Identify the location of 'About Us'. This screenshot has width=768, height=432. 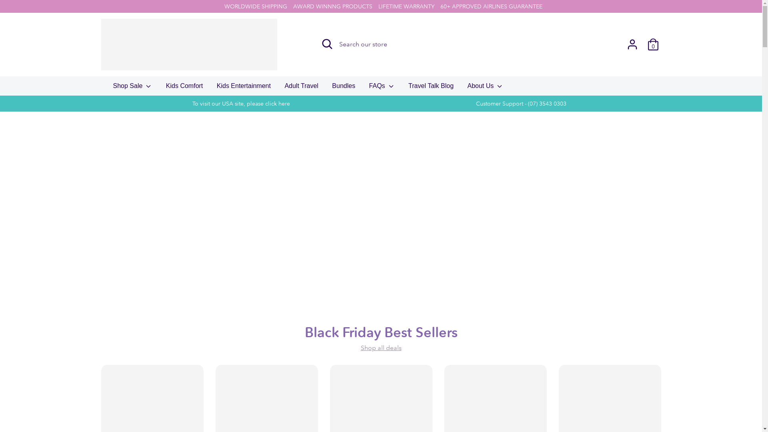
(485, 88).